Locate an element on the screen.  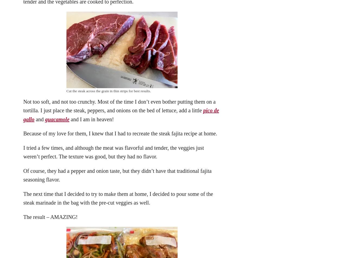
'guacamole' is located at coordinates (57, 119).